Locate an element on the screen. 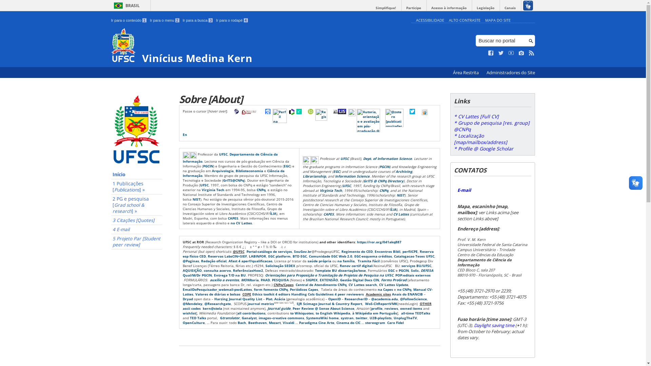 The width and height of the screenshot is (651, 366). 'EGC' is located at coordinates (287, 166).